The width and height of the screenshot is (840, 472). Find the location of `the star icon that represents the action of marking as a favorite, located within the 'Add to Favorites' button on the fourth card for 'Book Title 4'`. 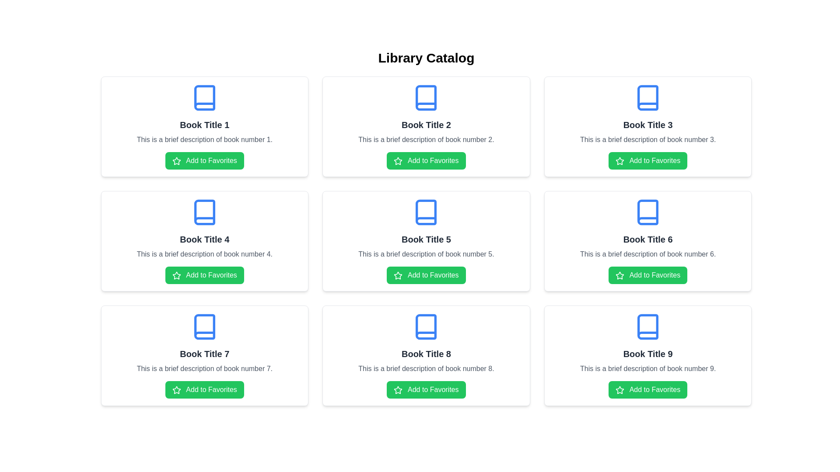

the star icon that represents the action of marking as a favorite, located within the 'Add to Favorites' button on the fourth card for 'Book Title 4' is located at coordinates (176, 275).